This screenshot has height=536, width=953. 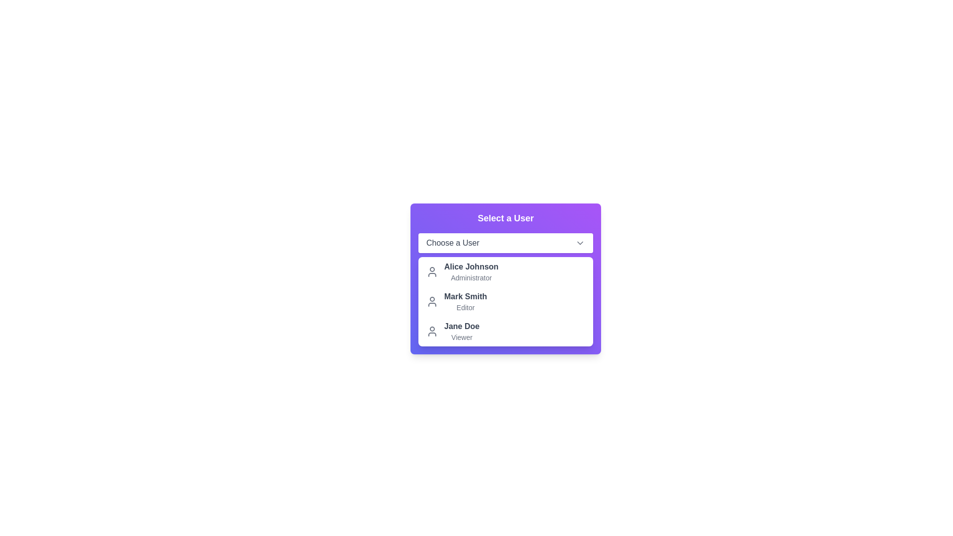 What do you see at coordinates (461, 331) in the screenshot?
I see `the text label displaying 'Jane Doe' as 'Viewer' in the dropdown menu, which is the third option in the list` at bounding box center [461, 331].